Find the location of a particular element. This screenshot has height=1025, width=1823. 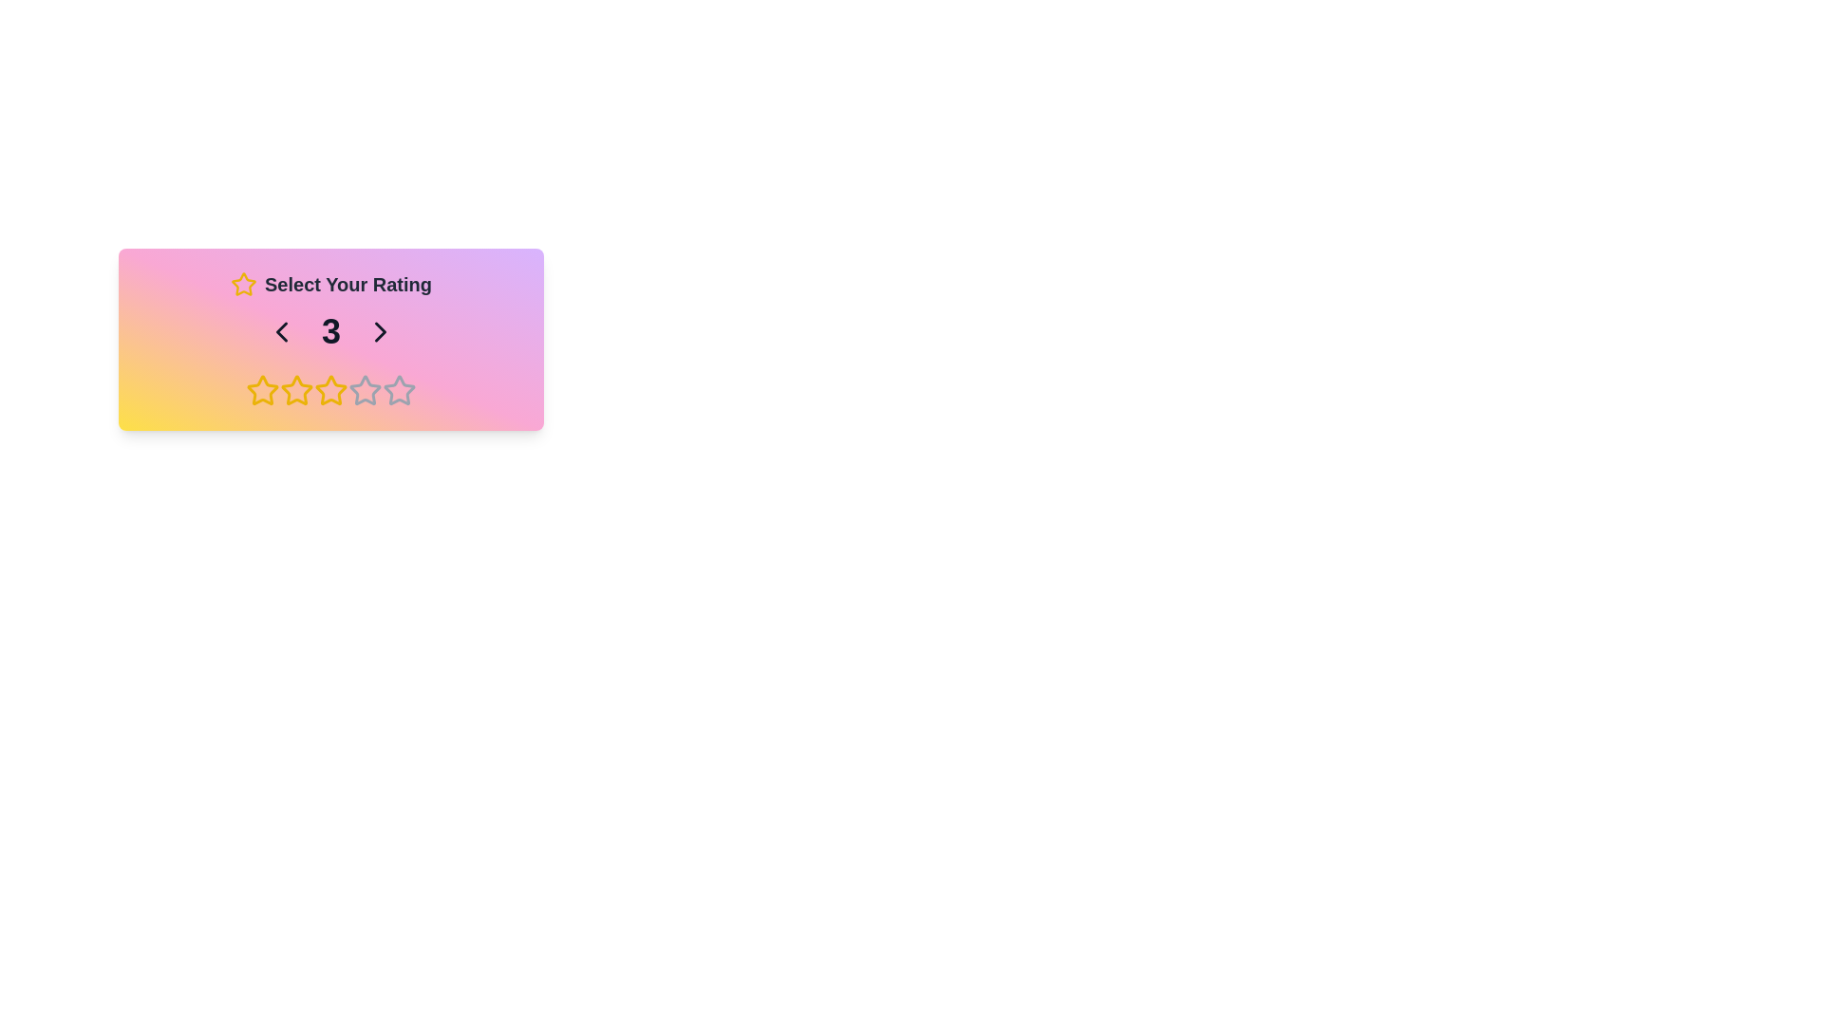

the third star icon in the horizontal sequence of five stars, which is highlighted is located at coordinates (365, 389).